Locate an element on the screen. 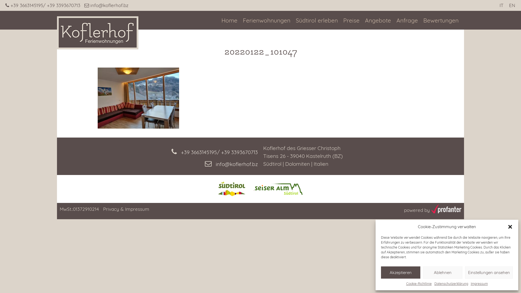 Image resolution: width=521 pixels, height=293 pixels. 'Einstellungen ansehen' is located at coordinates (489, 272).